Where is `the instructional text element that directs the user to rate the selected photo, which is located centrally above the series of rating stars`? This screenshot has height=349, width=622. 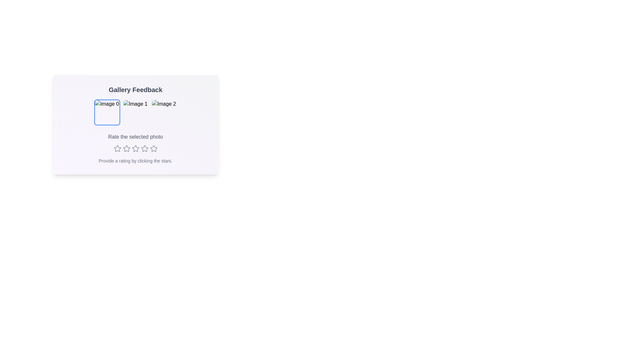 the instructional text element that directs the user to rate the selected photo, which is located centrally above the series of rating stars is located at coordinates (135, 137).